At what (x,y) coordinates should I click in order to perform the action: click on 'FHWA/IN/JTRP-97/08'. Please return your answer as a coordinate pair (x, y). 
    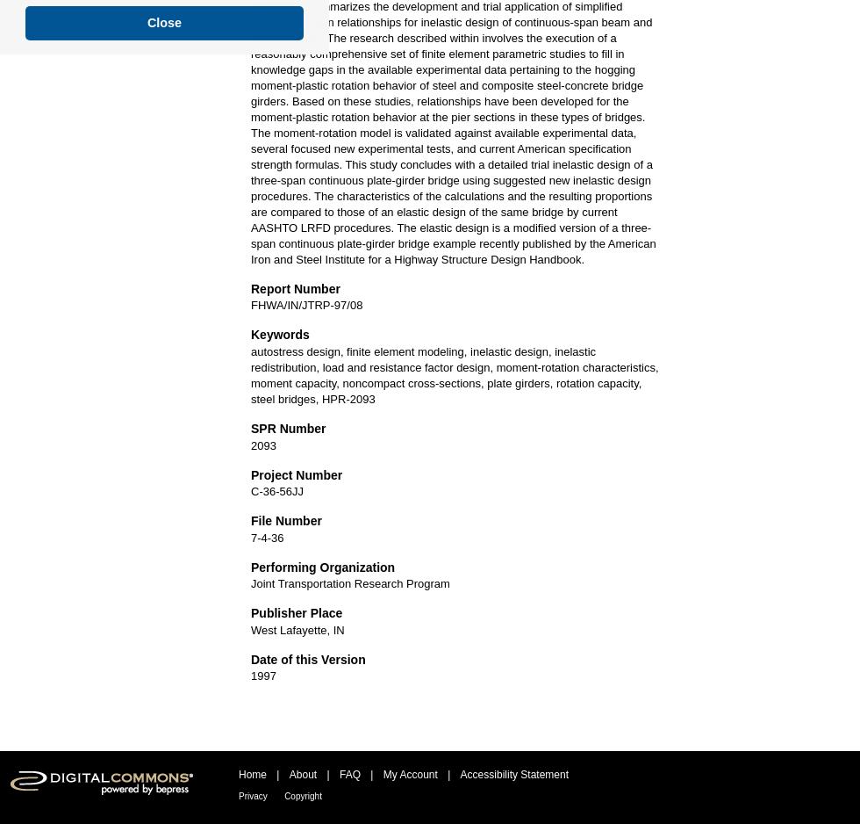
    Looking at the image, I should click on (250, 305).